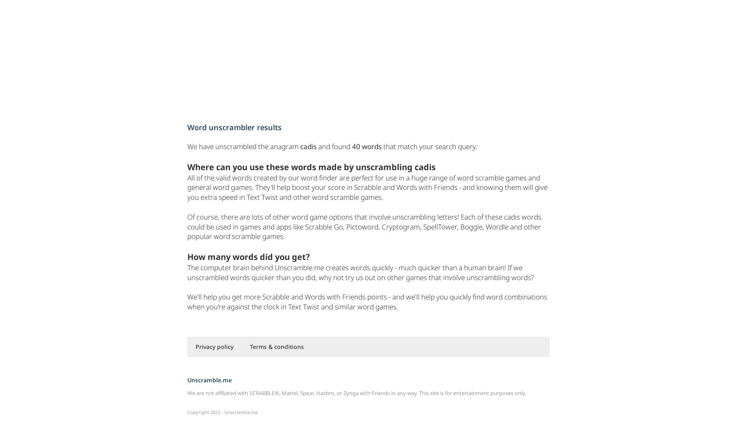 This screenshot has height=440, width=737. What do you see at coordinates (308, 146) in the screenshot?
I see `'cadis'` at bounding box center [308, 146].